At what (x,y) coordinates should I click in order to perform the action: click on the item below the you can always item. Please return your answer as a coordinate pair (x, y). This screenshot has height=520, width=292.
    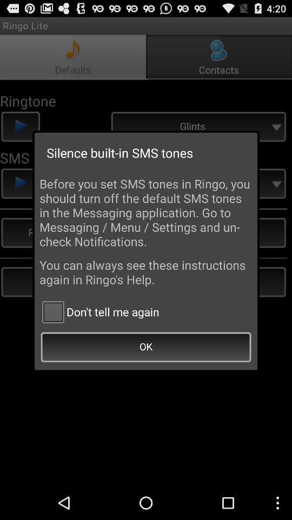
    Looking at the image, I should click on (99, 311).